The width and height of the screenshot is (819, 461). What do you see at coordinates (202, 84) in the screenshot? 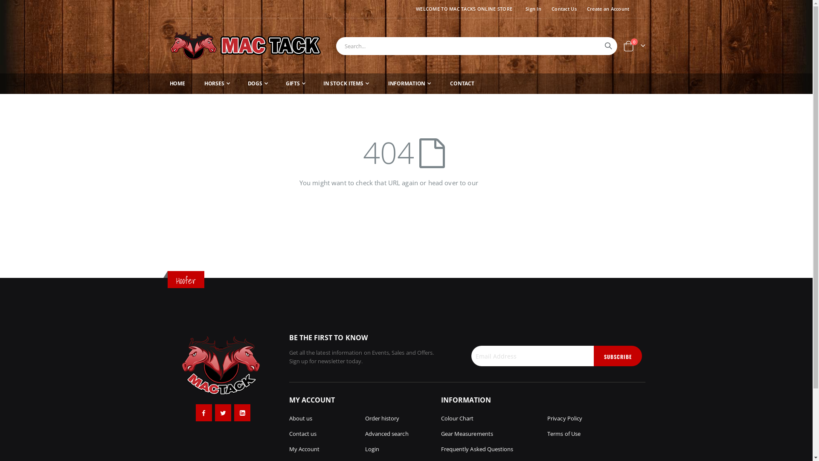
I see `'HORSES'` at bounding box center [202, 84].